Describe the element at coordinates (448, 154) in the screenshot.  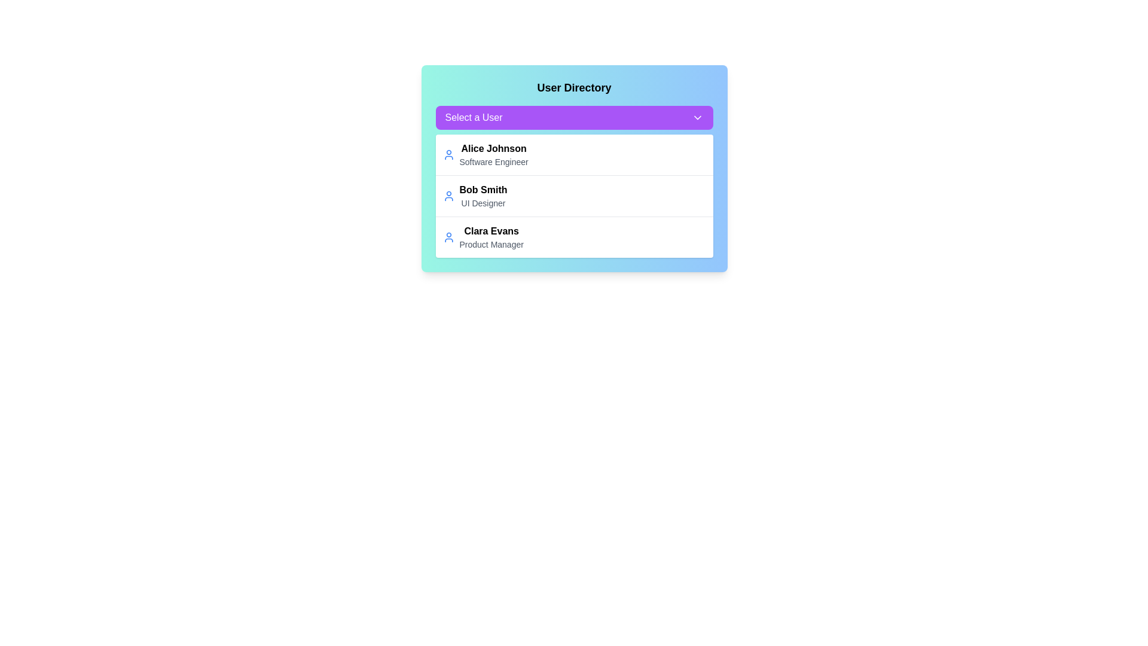
I see `the user icon representing 'Alice Johnson' located at the far left of her entry in the user directory` at that location.